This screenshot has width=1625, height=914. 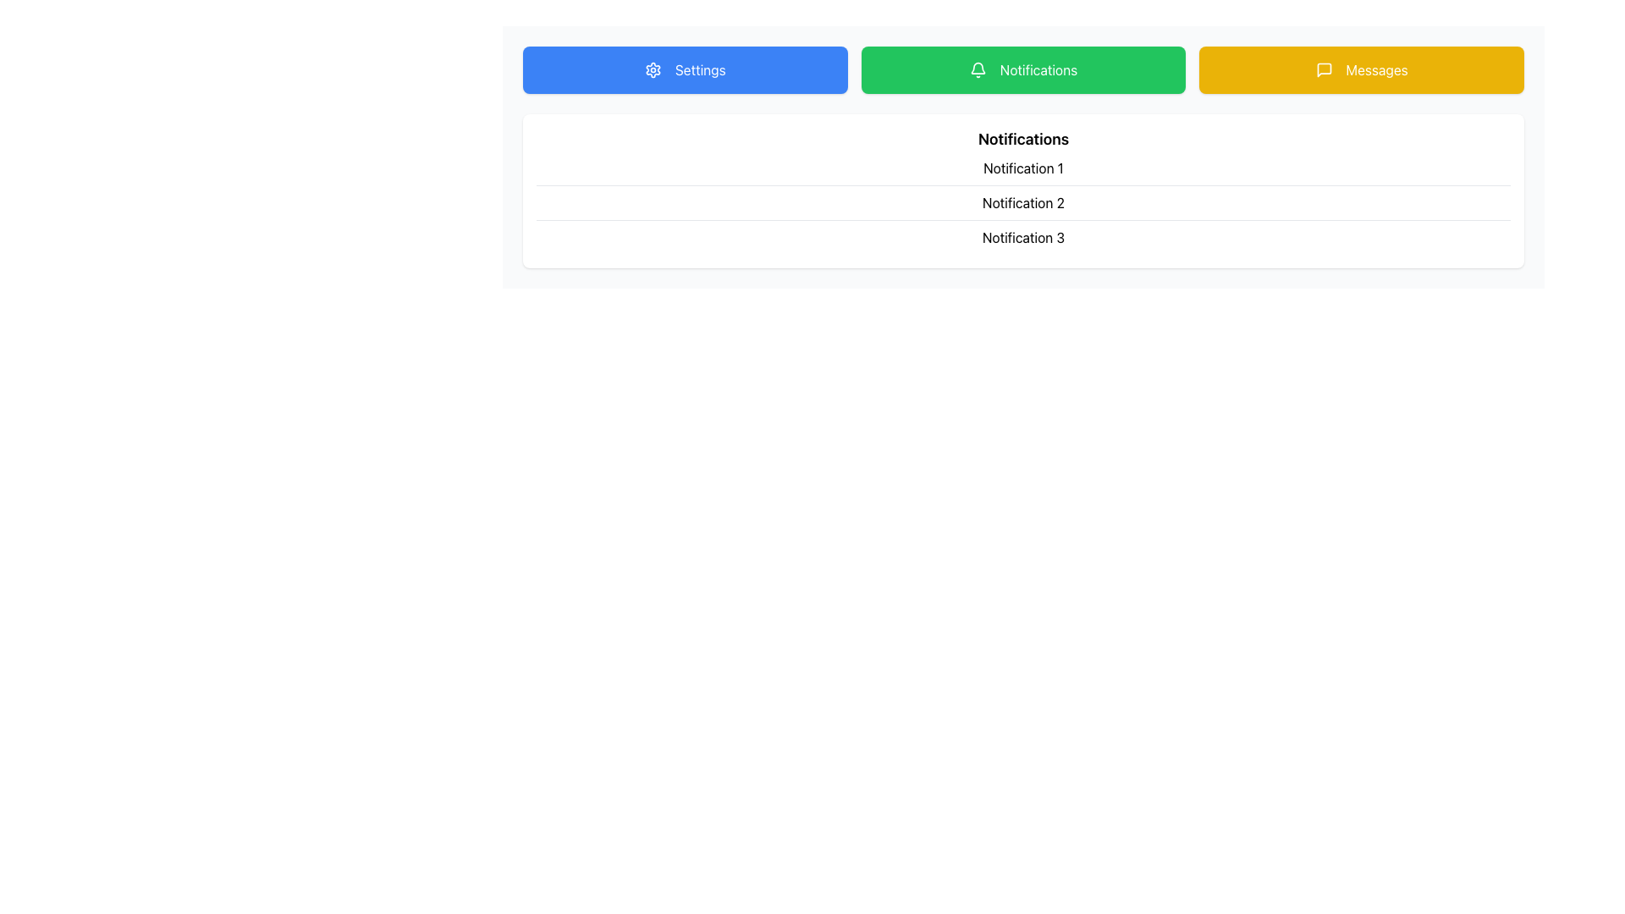 I want to click on the non-interactive text label displaying 'Notification 2' in the notifications list under the header 'Notifications', so click(x=1022, y=202).